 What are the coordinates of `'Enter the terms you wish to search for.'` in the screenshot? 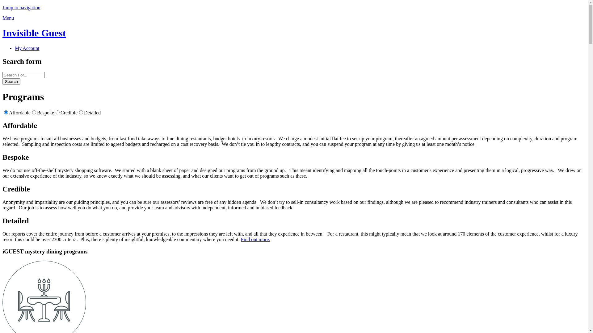 It's located at (23, 75).